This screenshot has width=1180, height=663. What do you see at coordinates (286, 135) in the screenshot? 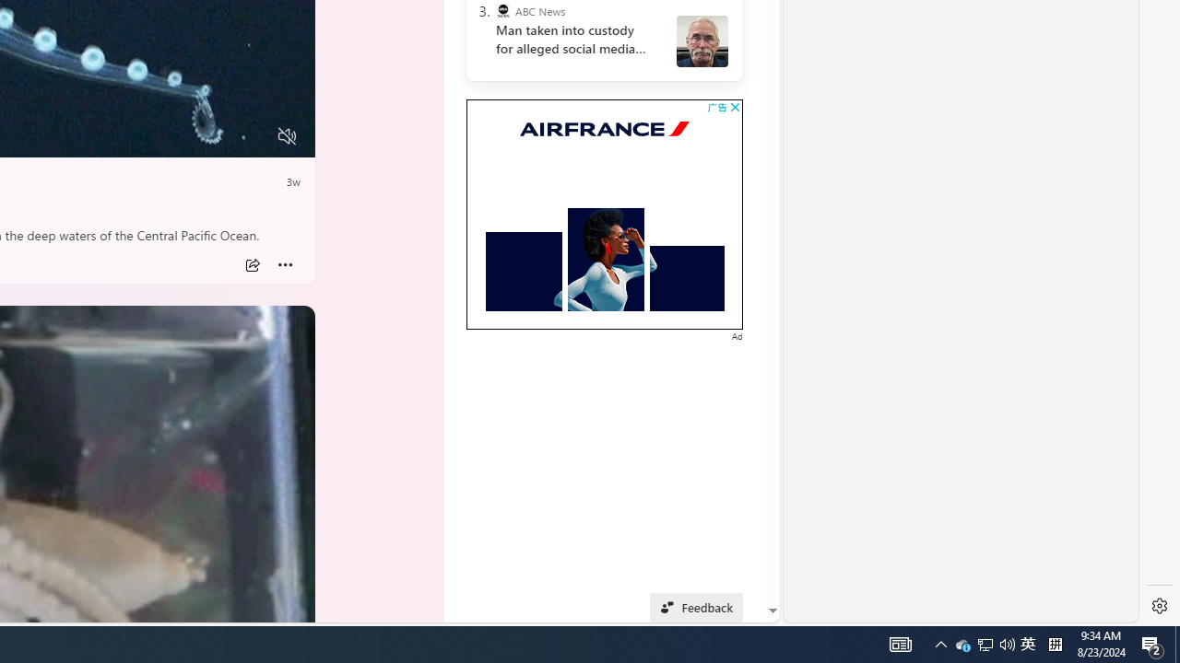
I see `'Unmute'` at bounding box center [286, 135].